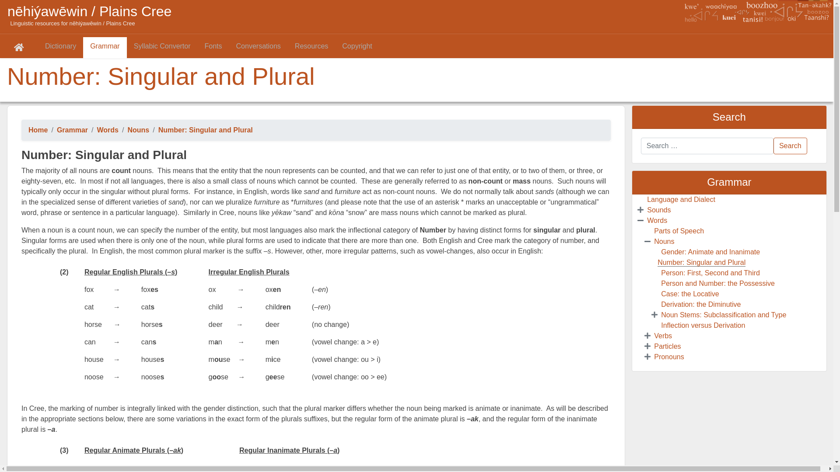 The width and height of the screenshot is (840, 472). What do you see at coordinates (703, 325) in the screenshot?
I see `'Inflection versus Derivation'` at bounding box center [703, 325].